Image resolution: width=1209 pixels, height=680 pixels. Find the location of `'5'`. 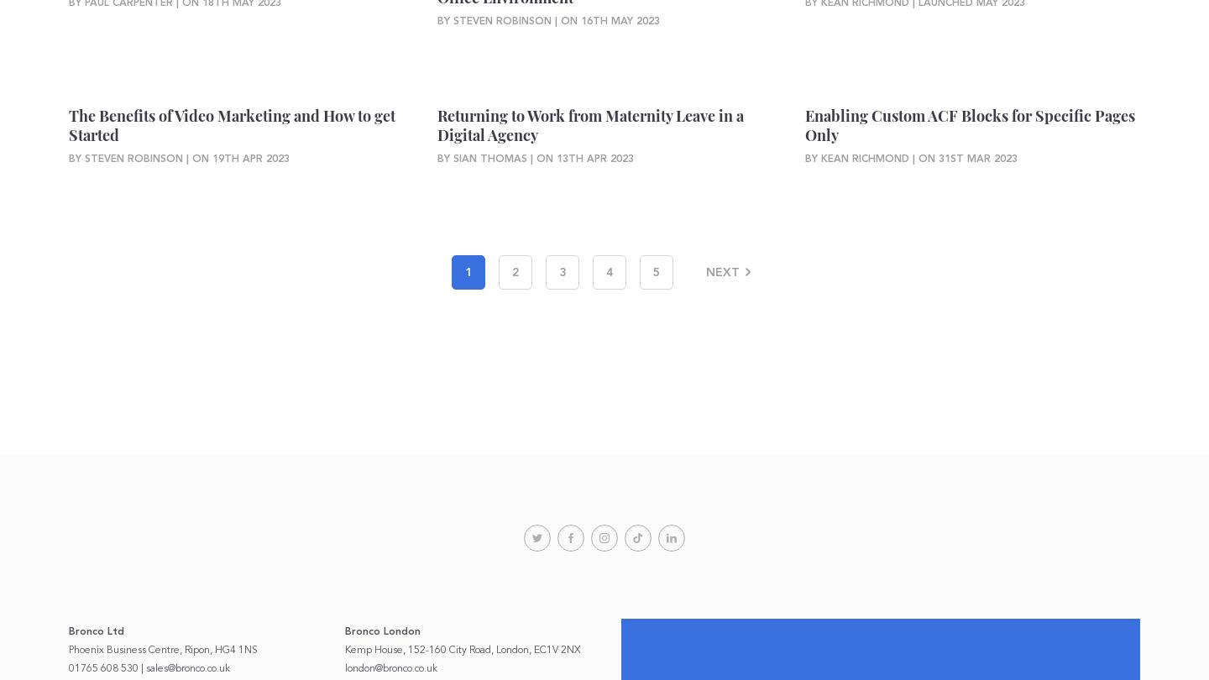

'5' is located at coordinates (652, 270).